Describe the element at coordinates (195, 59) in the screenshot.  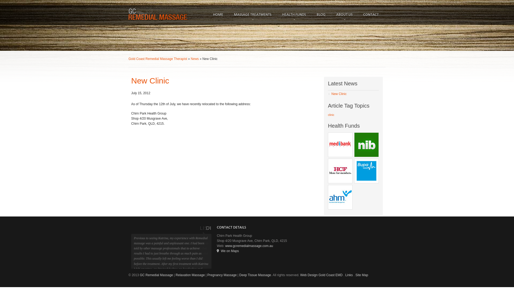
I see `'News'` at that location.